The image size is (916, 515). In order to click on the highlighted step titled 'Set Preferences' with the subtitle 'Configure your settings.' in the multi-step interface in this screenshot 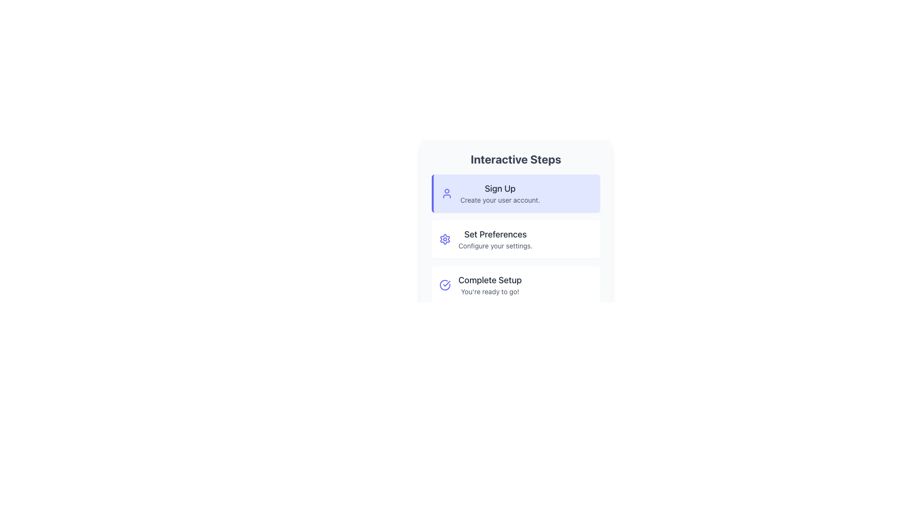, I will do `click(515, 238)`.